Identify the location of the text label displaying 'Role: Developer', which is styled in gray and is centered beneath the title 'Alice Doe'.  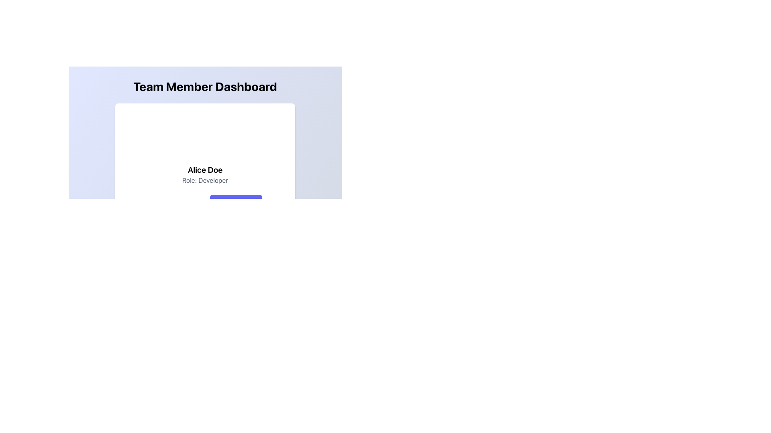
(205, 180).